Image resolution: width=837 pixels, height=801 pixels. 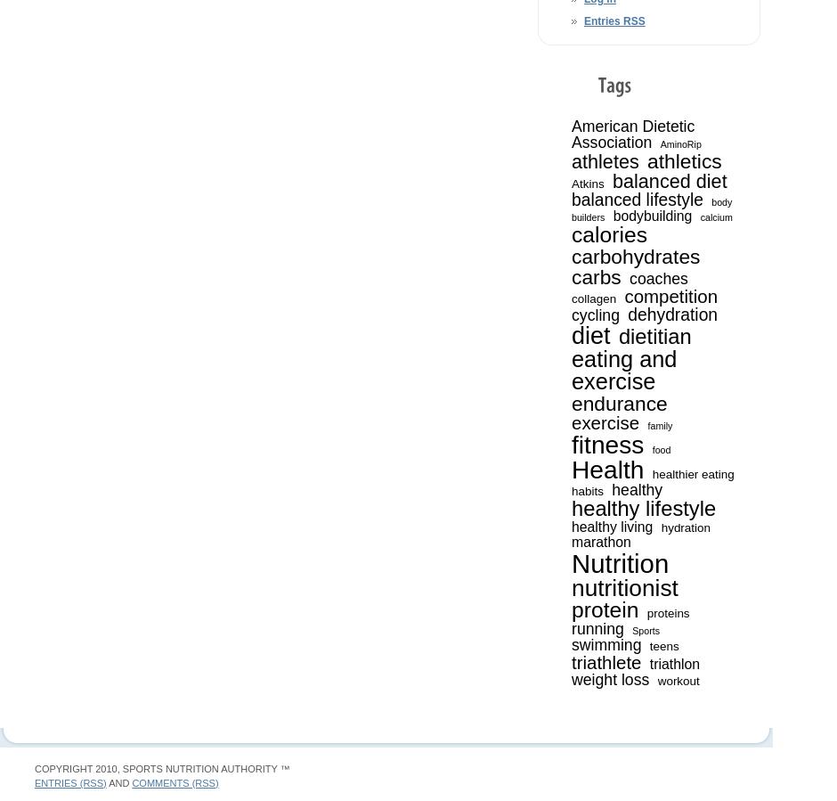 I want to click on 'running', so click(x=596, y=626).